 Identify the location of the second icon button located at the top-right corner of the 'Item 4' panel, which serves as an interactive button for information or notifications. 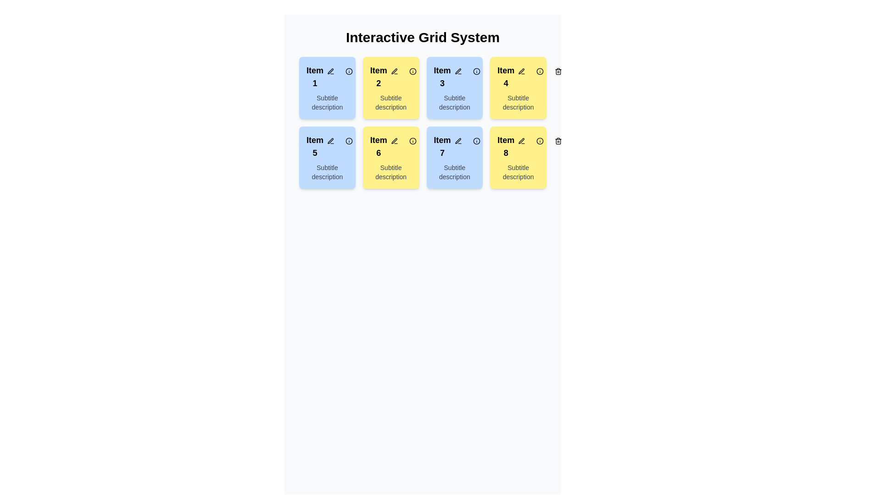
(540, 71).